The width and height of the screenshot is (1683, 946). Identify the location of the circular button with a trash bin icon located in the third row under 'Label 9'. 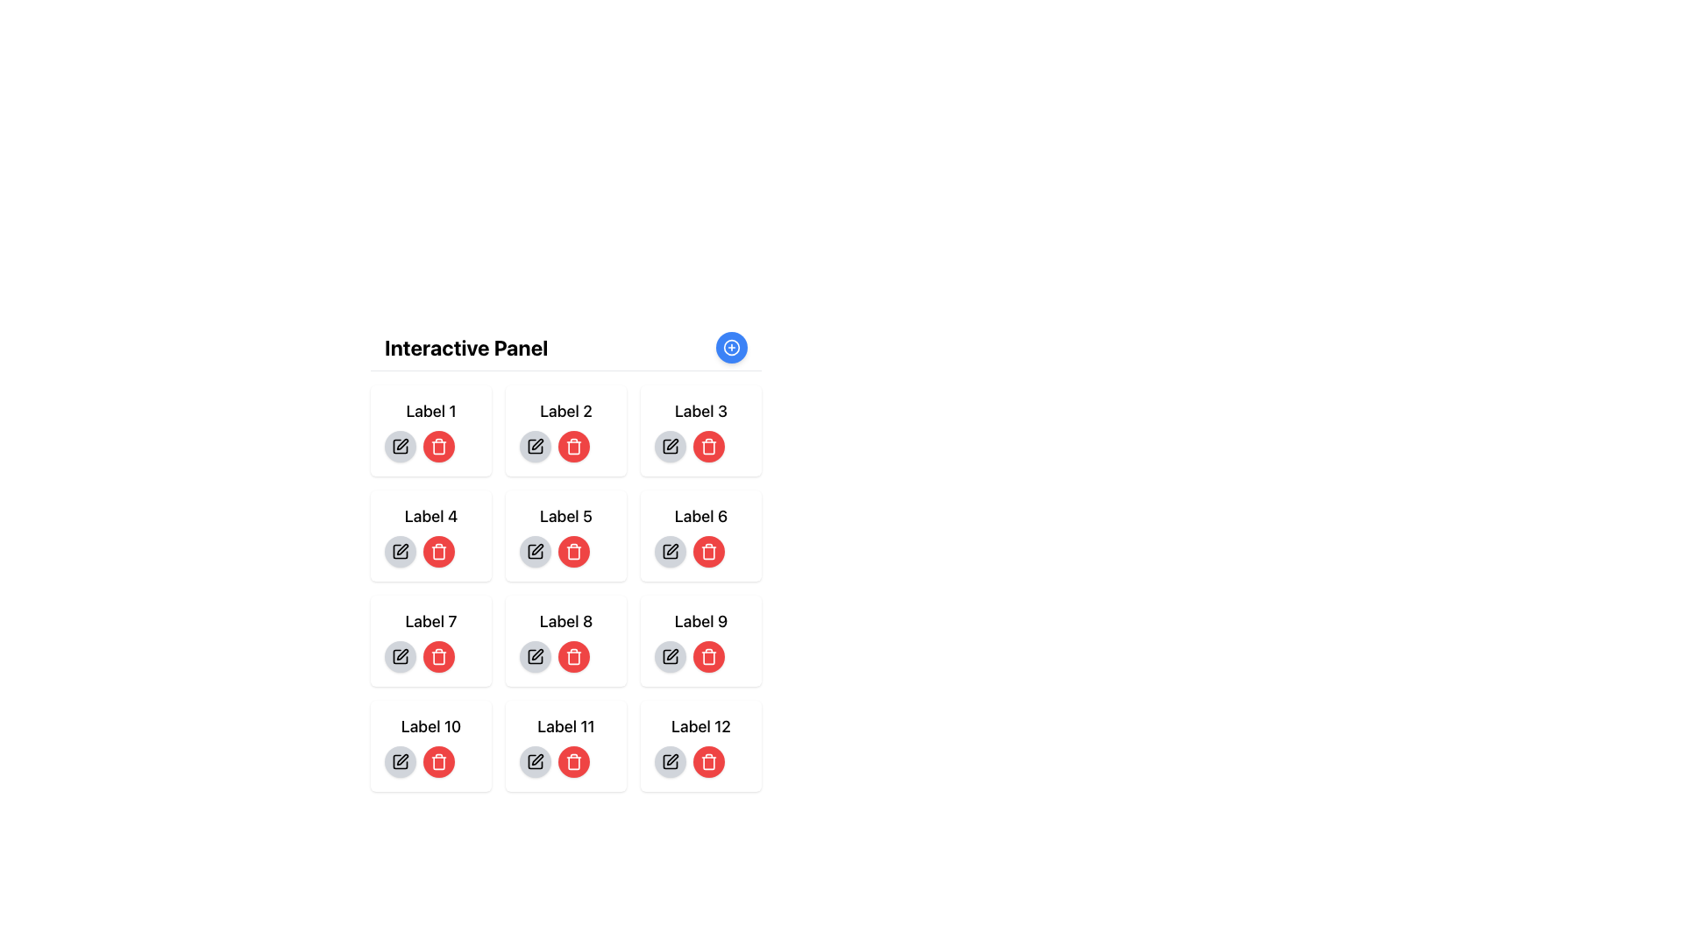
(709, 656).